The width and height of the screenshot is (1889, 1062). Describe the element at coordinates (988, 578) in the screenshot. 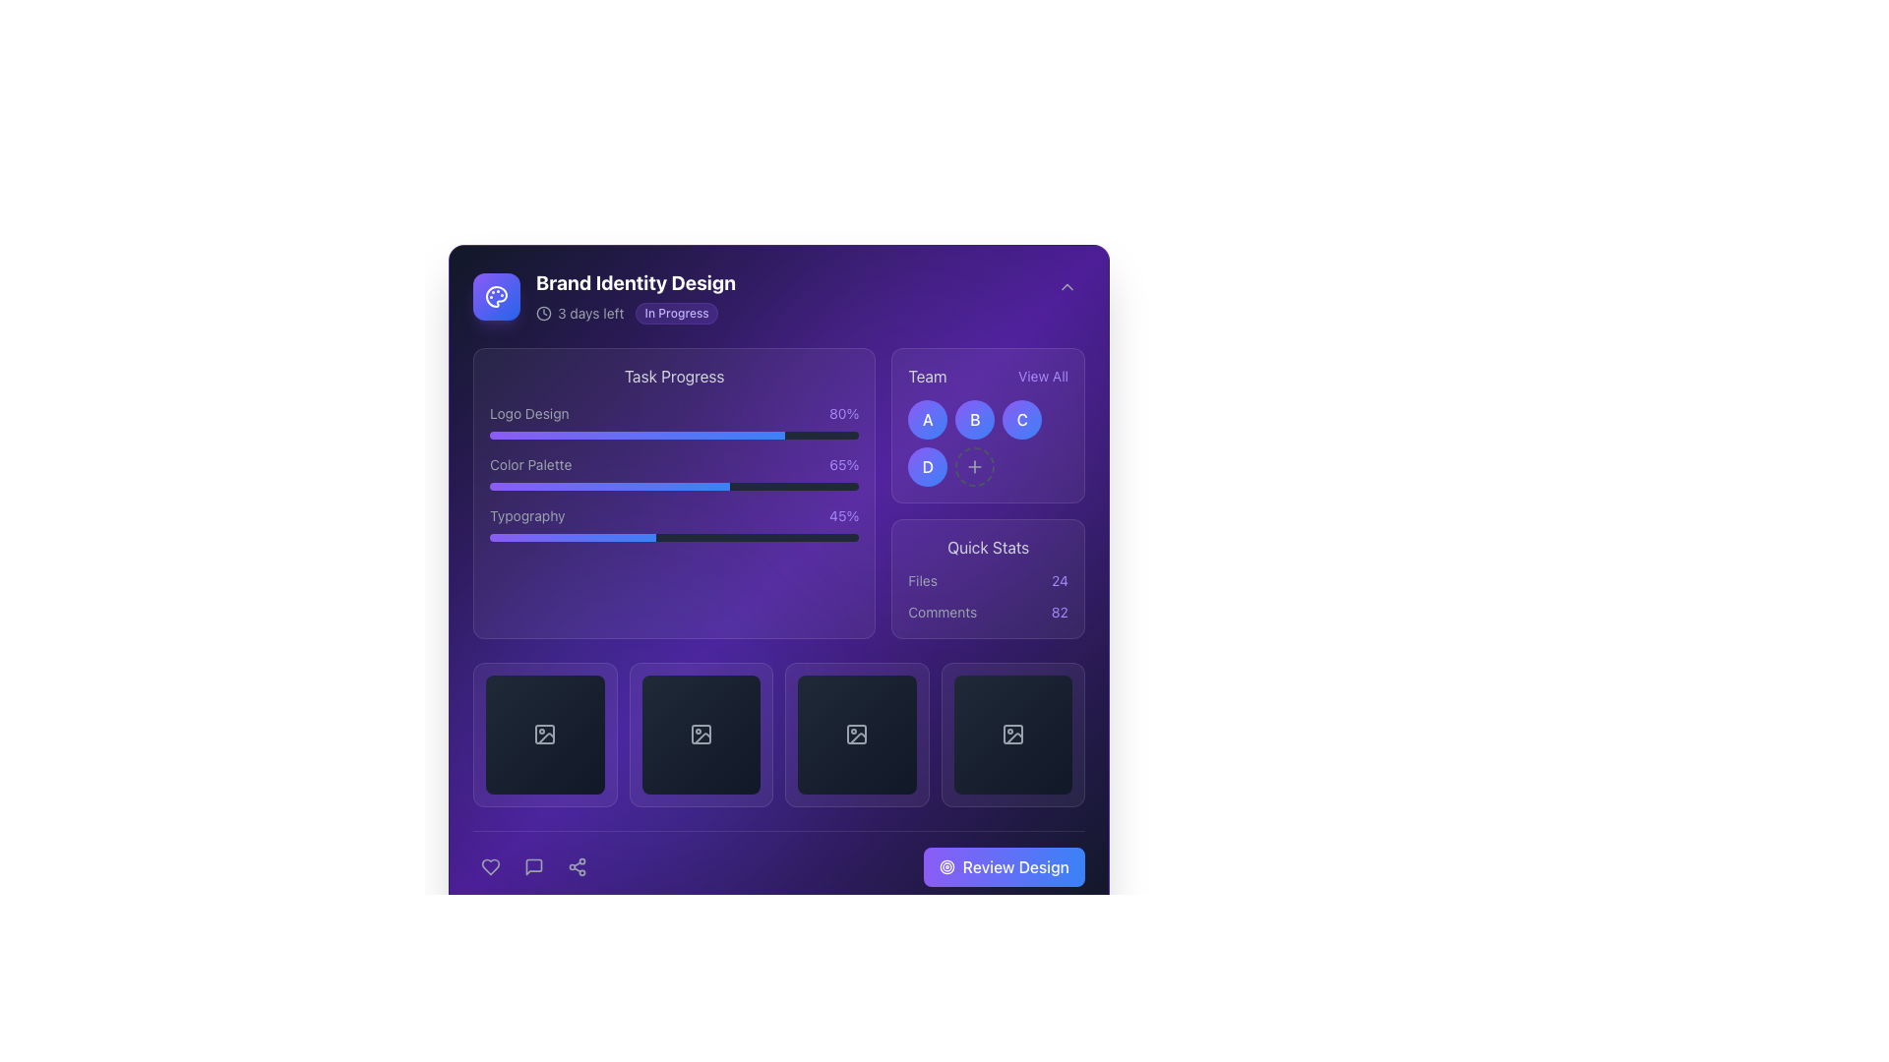

I see `text within the 'Quick Stats' informational display panel, which features a violet background and displays the statistics for 'Files' and 'Comments'` at that location.